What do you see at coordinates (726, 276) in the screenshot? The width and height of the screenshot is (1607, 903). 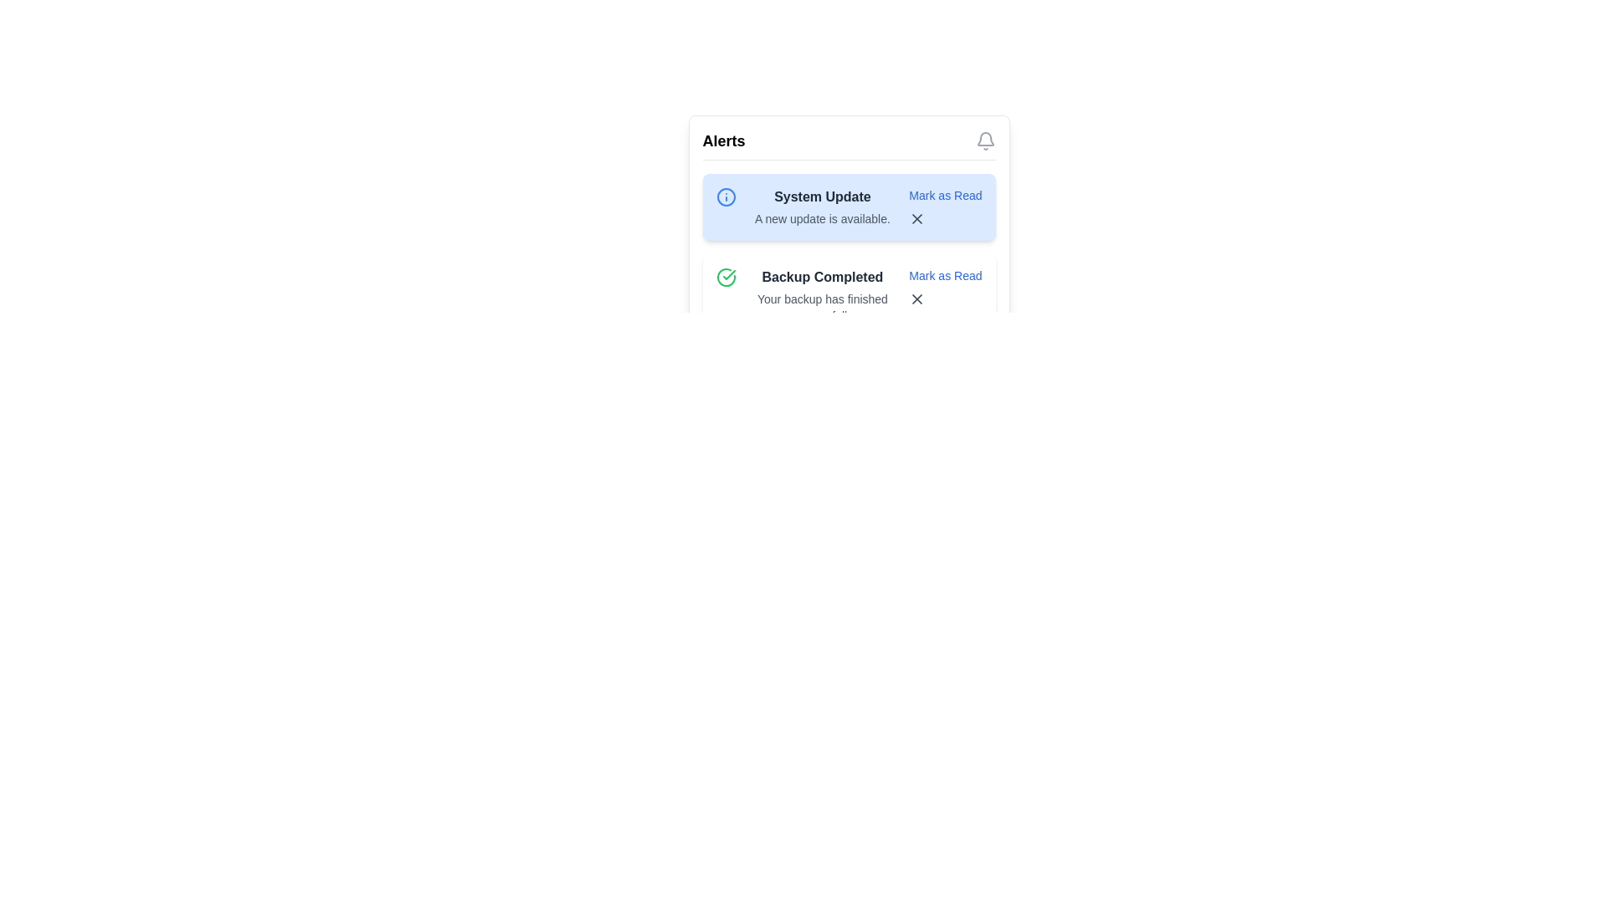 I see `the success icon indicating 'Backup Completed' in the notification list, which is positioned near the left margin of the alert` at bounding box center [726, 276].